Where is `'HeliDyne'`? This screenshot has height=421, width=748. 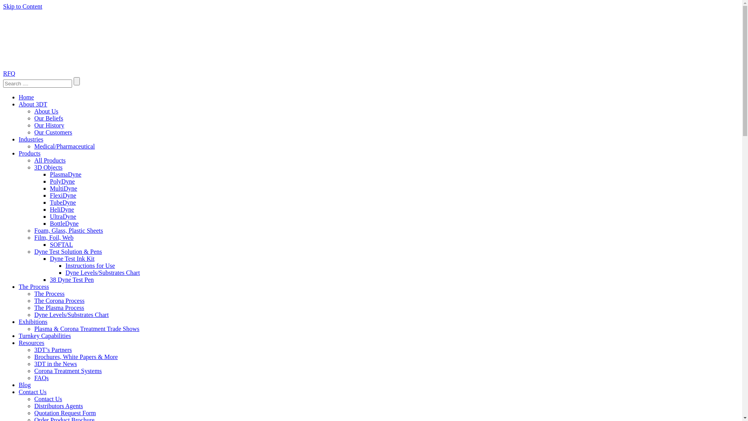
'HeliDyne' is located at coordinates (61, 209).